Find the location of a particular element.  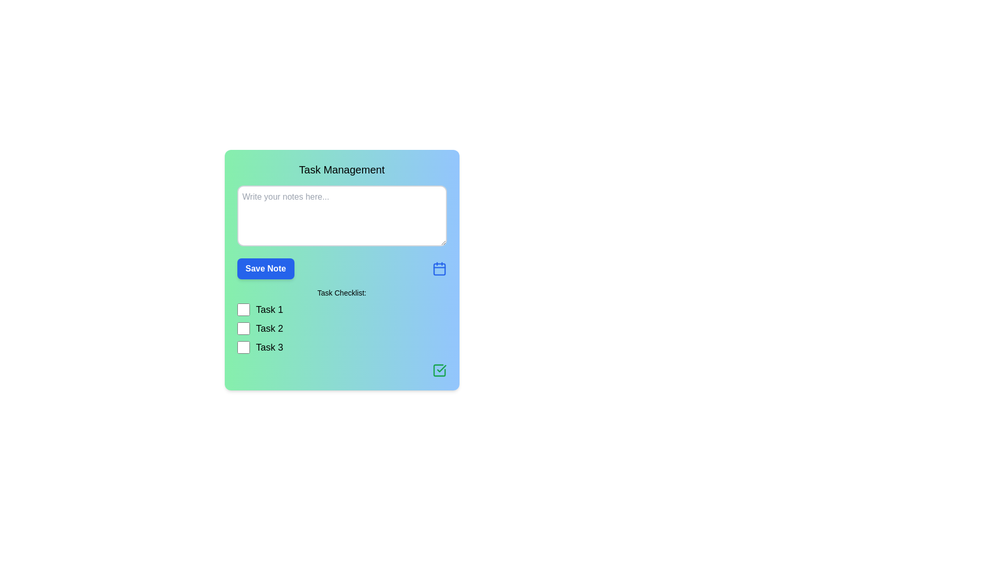

the square checkbox with rounded corners, which is styled with a white fill and thin dark border, located to the left of the 'Task 2' text is located at coordinates (243, 328).